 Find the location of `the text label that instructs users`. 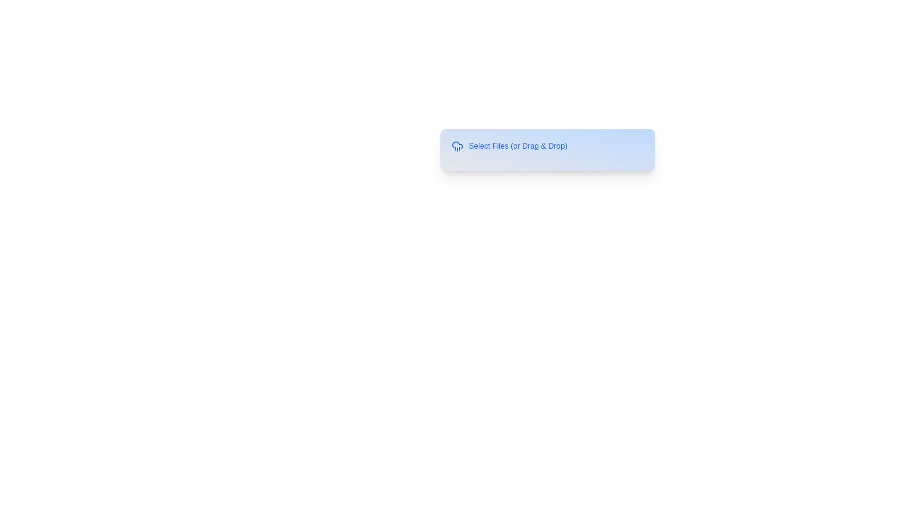

the text label that instructs users is located at coordinates (518, 146).